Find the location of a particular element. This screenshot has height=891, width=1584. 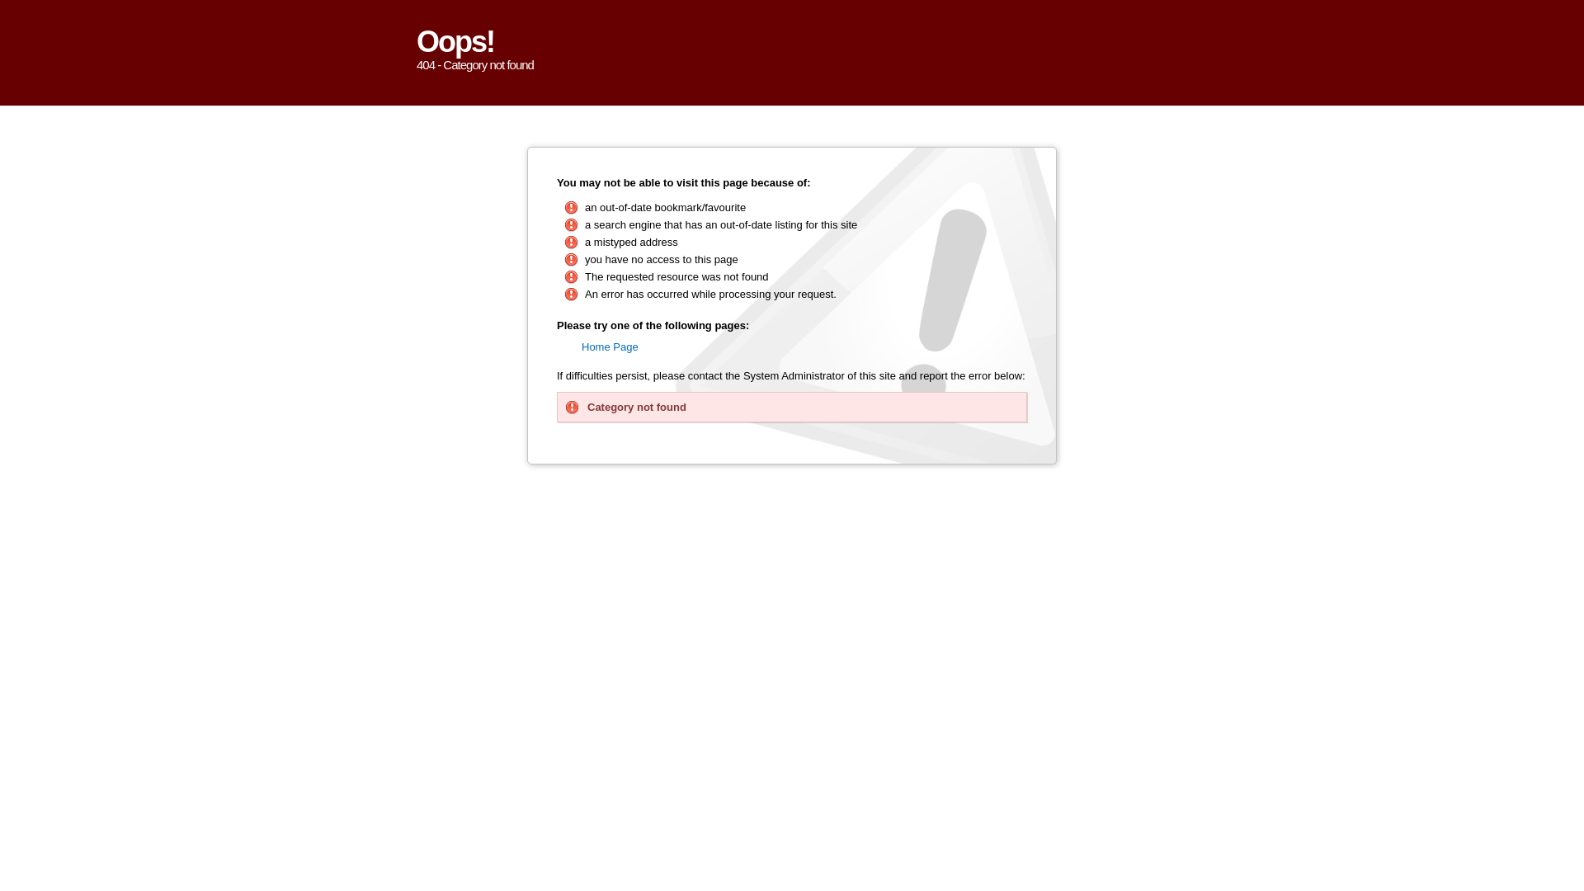

'Home Page' is located at coordinates (609, 346).